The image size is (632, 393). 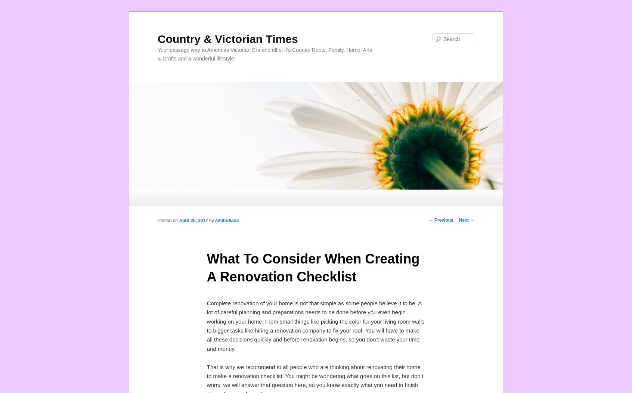 I want to click on 'Complete renovation of your home is not that simple as some people believe it to be. A lot of careful planning and preparations needs to be done before you even begin working on your home. From small things like picking the color for your living room walls to bigger tasks like hiring a renovation company to fix your roof. You will have to make all these decisions quickly and before renovation begins, so you don’t waste your time and money.', so click(x=315, y=325).